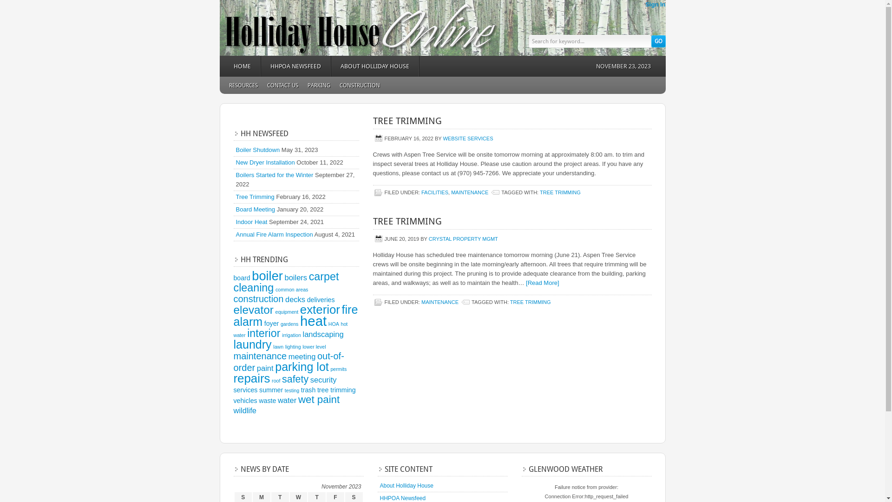 Image resolution: width=892 pixels, height=502 pixels. I want to click on 'out-of-order', so click(288, 361).